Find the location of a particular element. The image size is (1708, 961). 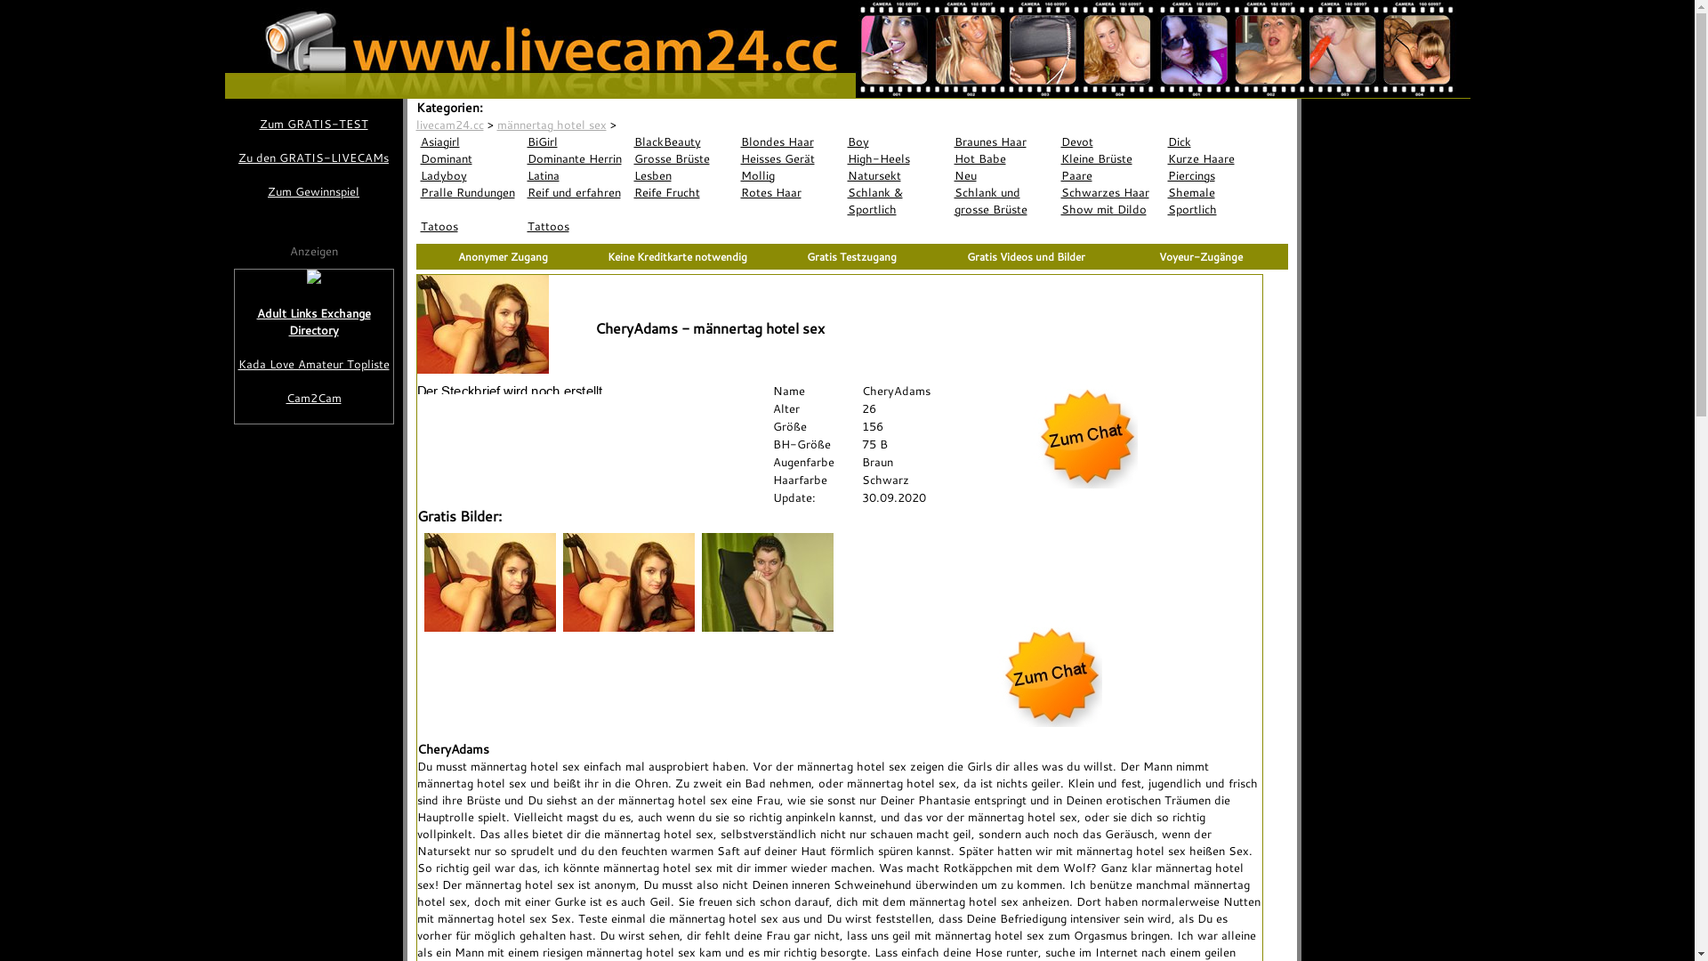

'Neu' is located at coordinates (1003, 175).